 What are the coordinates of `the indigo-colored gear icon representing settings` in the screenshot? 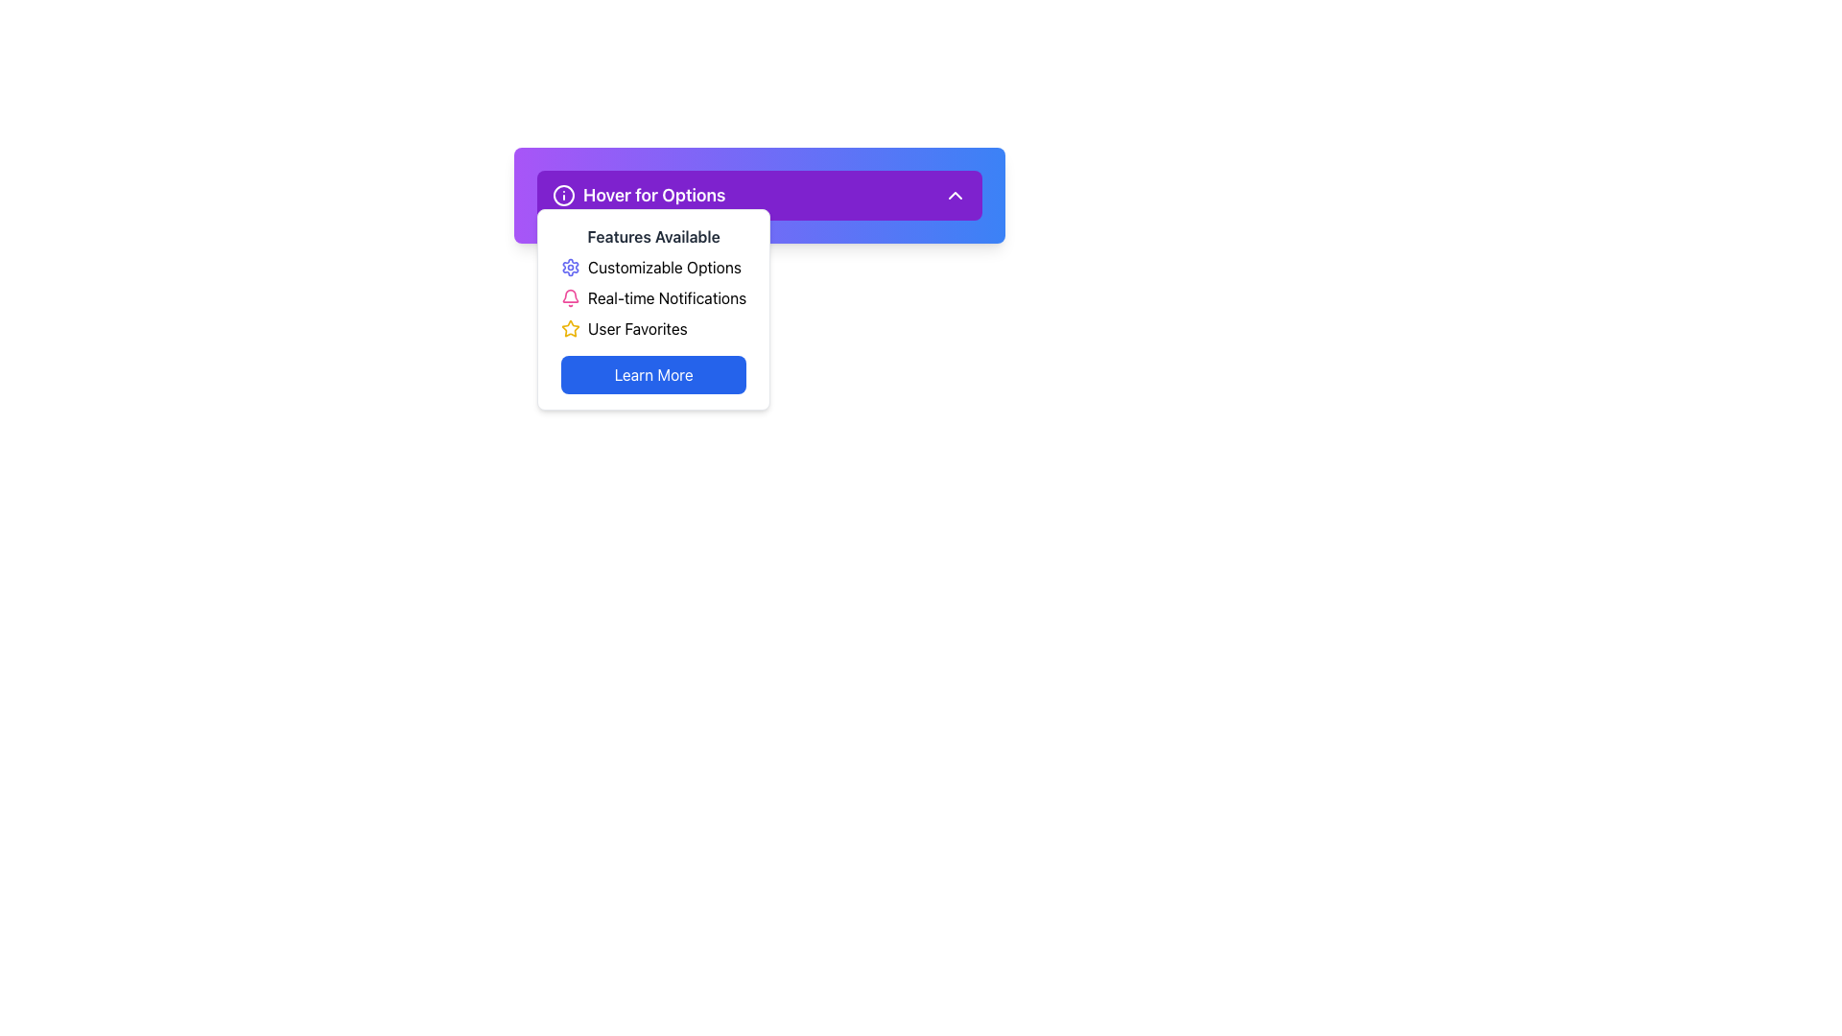 It's located at (570, 267).